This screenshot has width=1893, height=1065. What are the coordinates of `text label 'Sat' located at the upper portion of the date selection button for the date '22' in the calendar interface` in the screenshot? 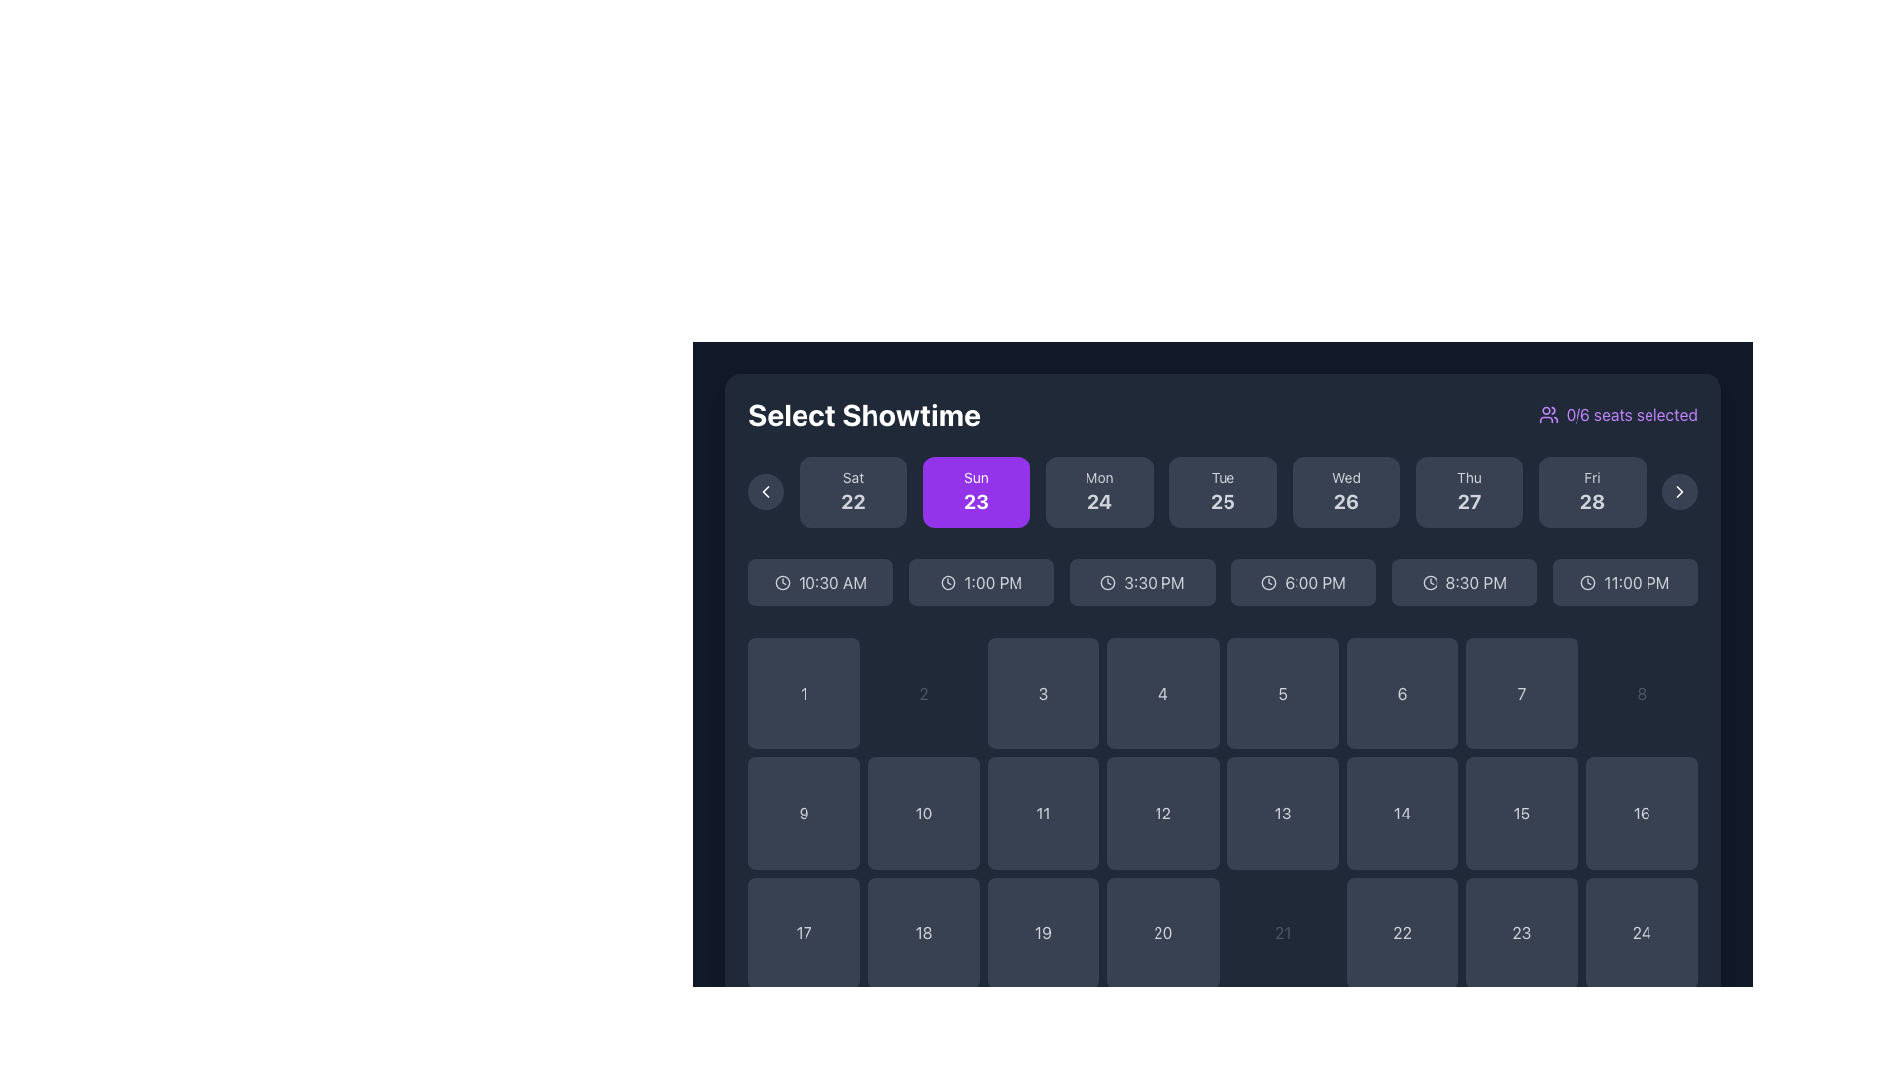 It's located at (853, 478).